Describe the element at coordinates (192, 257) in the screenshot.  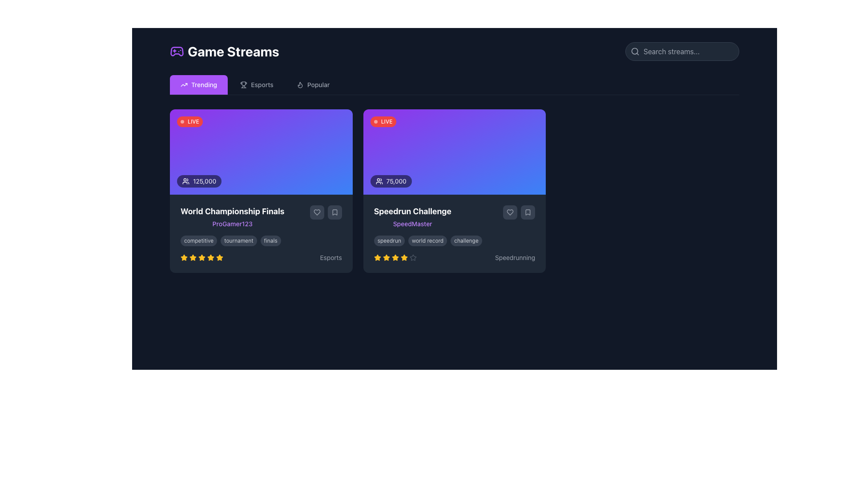
I see `the third star icon from the left in a horizontal row of six star icons, which is styled with a yellow fill and border, located directly below the title of the first card labeled 'World Championship Finals'` at that location.